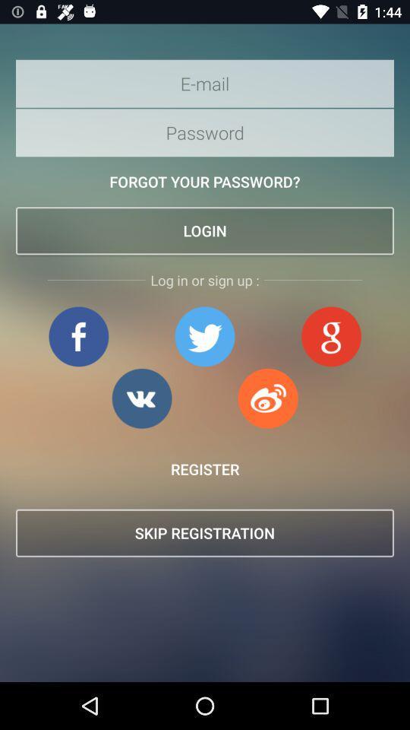 The width and height of the screenshot is (410, 730). What do you see at coordinates (330, 336) in the screenshot?
I see `open google` at bounding box center [330, 336].